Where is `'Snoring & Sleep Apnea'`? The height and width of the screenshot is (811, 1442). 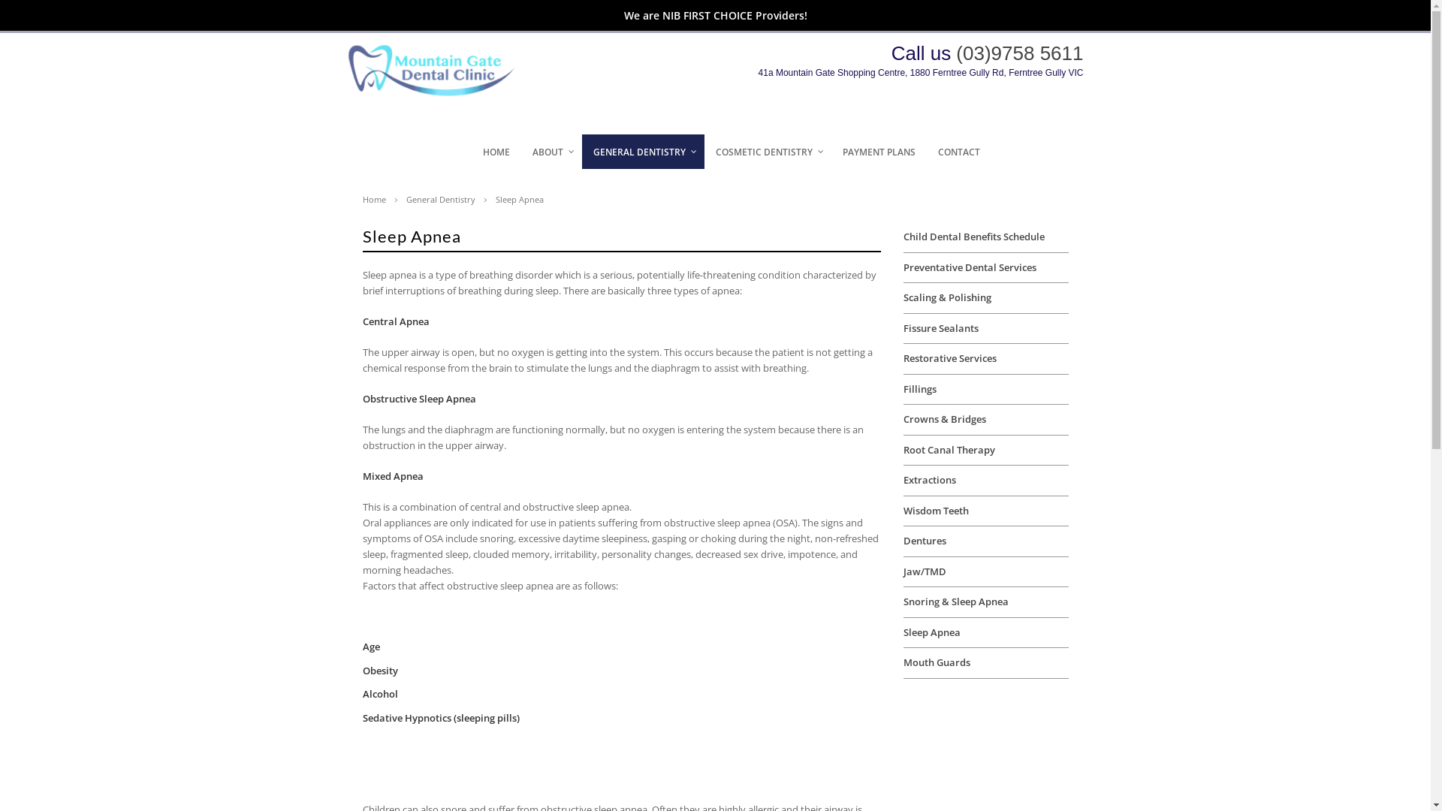 'Snoring & Sleep Apnea' is located at coordinates (955, 601).